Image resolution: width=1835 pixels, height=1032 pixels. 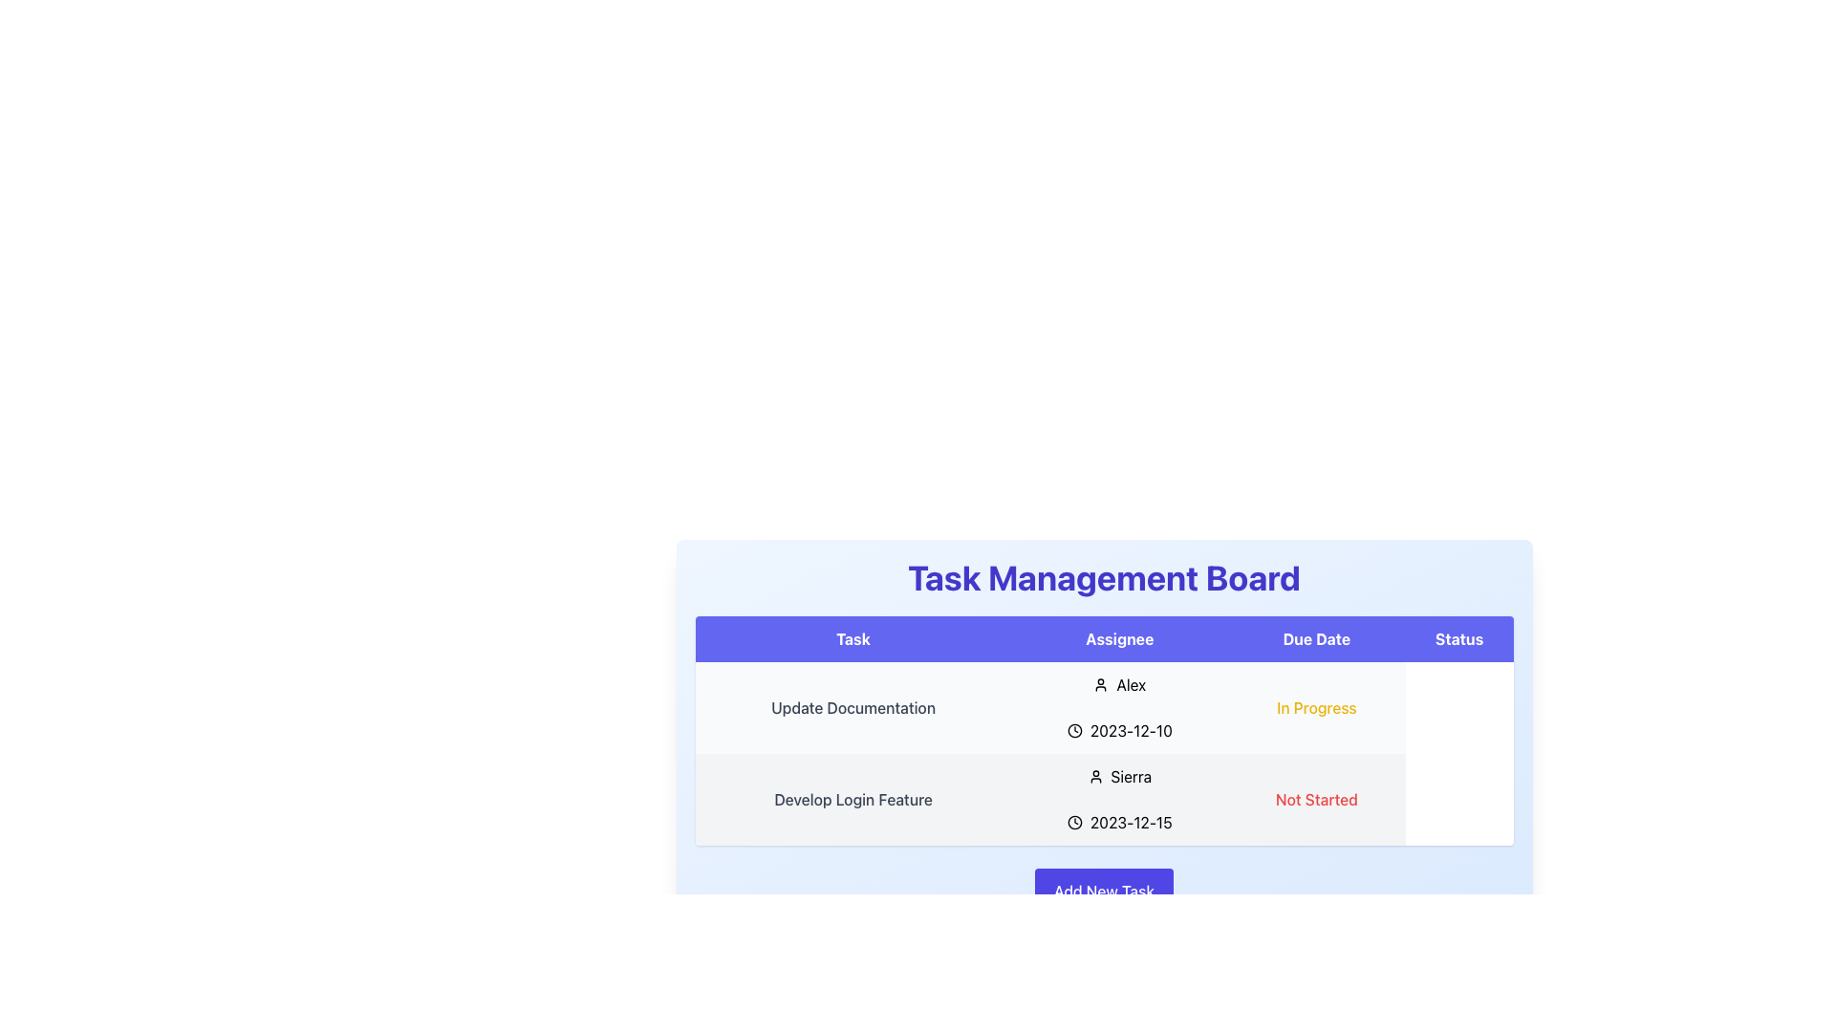 What do you see at coordinates (1315, 800) in the screenshot?
I see `the text label displaying 'Not Started' in red bold font, located in the 'Status' column of the task management table, aligned with the task 'Develop Login Feature'` at bounding box center [1315, 800].